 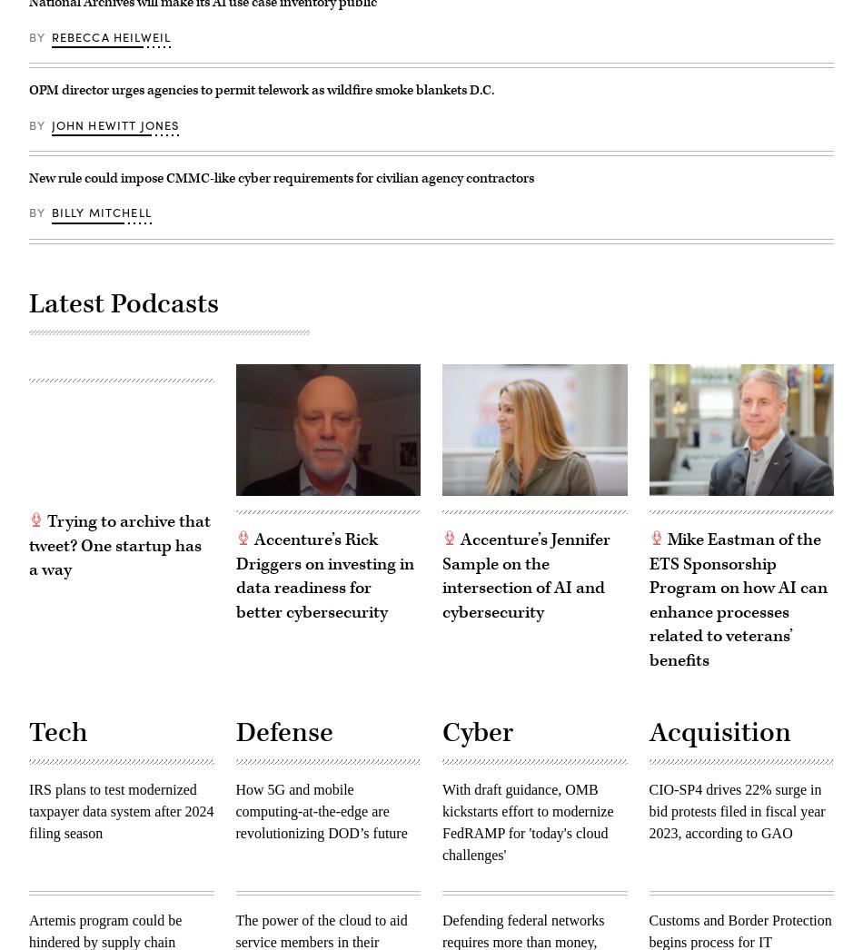 What do you see at coordinates (526, 574) in the screenshot?
I see `'Accenture’s Jennifer Sample on the intersection of AI and cybersecurity'` at bounding box center [526, 574].